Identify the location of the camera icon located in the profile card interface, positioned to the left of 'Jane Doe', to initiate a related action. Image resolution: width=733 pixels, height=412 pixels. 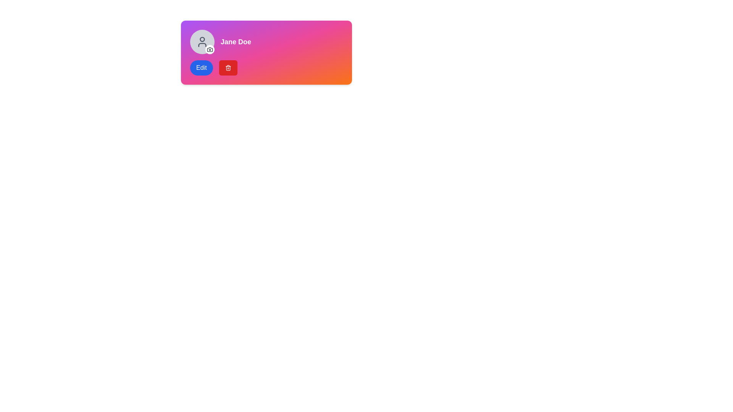
(210, 49).